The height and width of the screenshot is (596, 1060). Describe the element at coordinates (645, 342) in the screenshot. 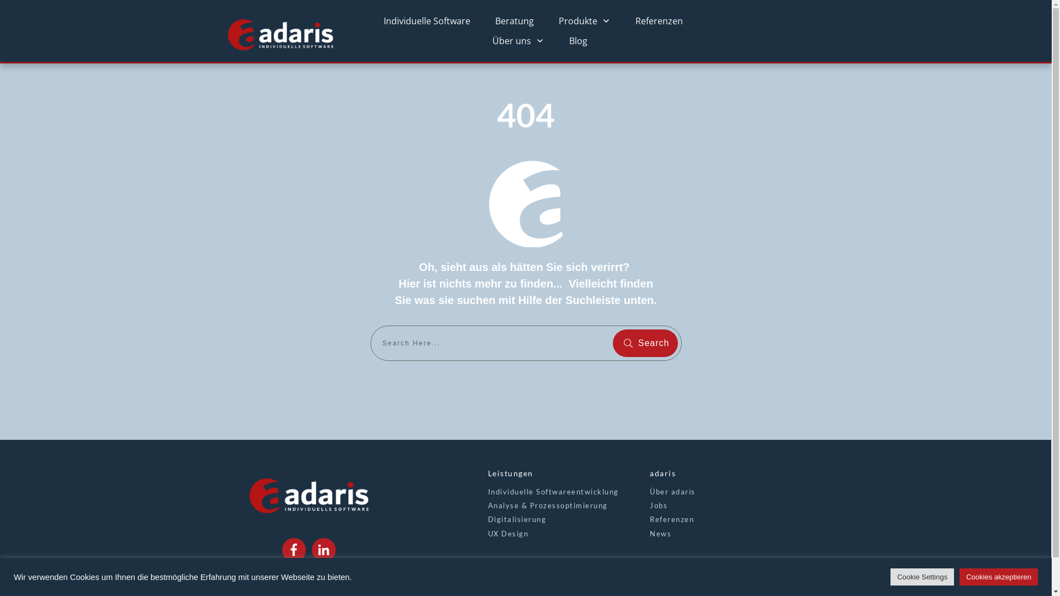

I see `'Search'` at that location.